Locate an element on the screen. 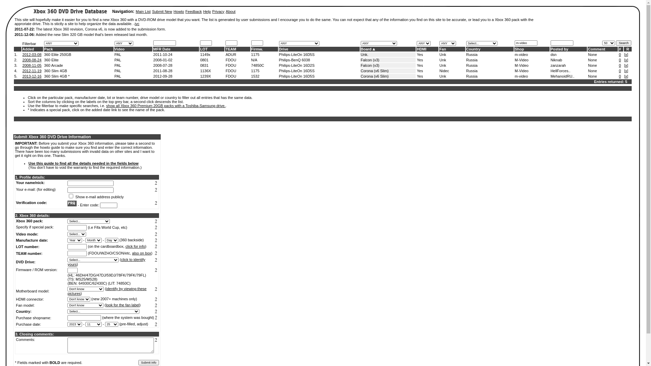 Image resolution: width=651 pixels, height=366 pixels. 'Help' is located at coordinates (206, 12).